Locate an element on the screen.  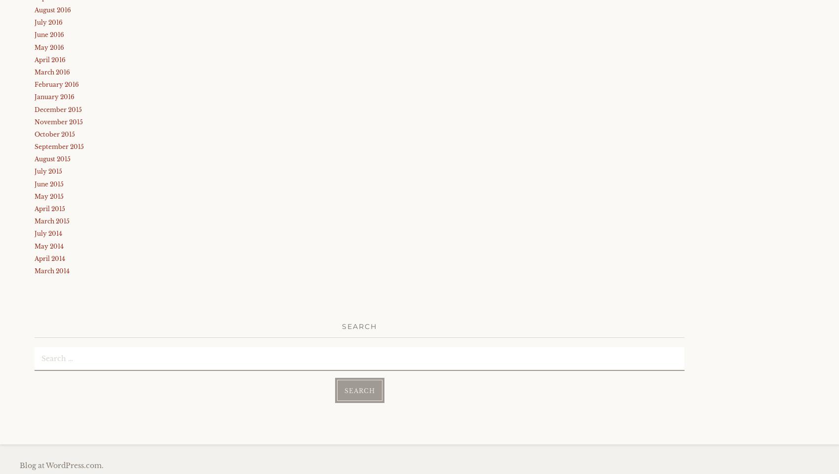
'June 2016' is located at coordinates (49, 35).